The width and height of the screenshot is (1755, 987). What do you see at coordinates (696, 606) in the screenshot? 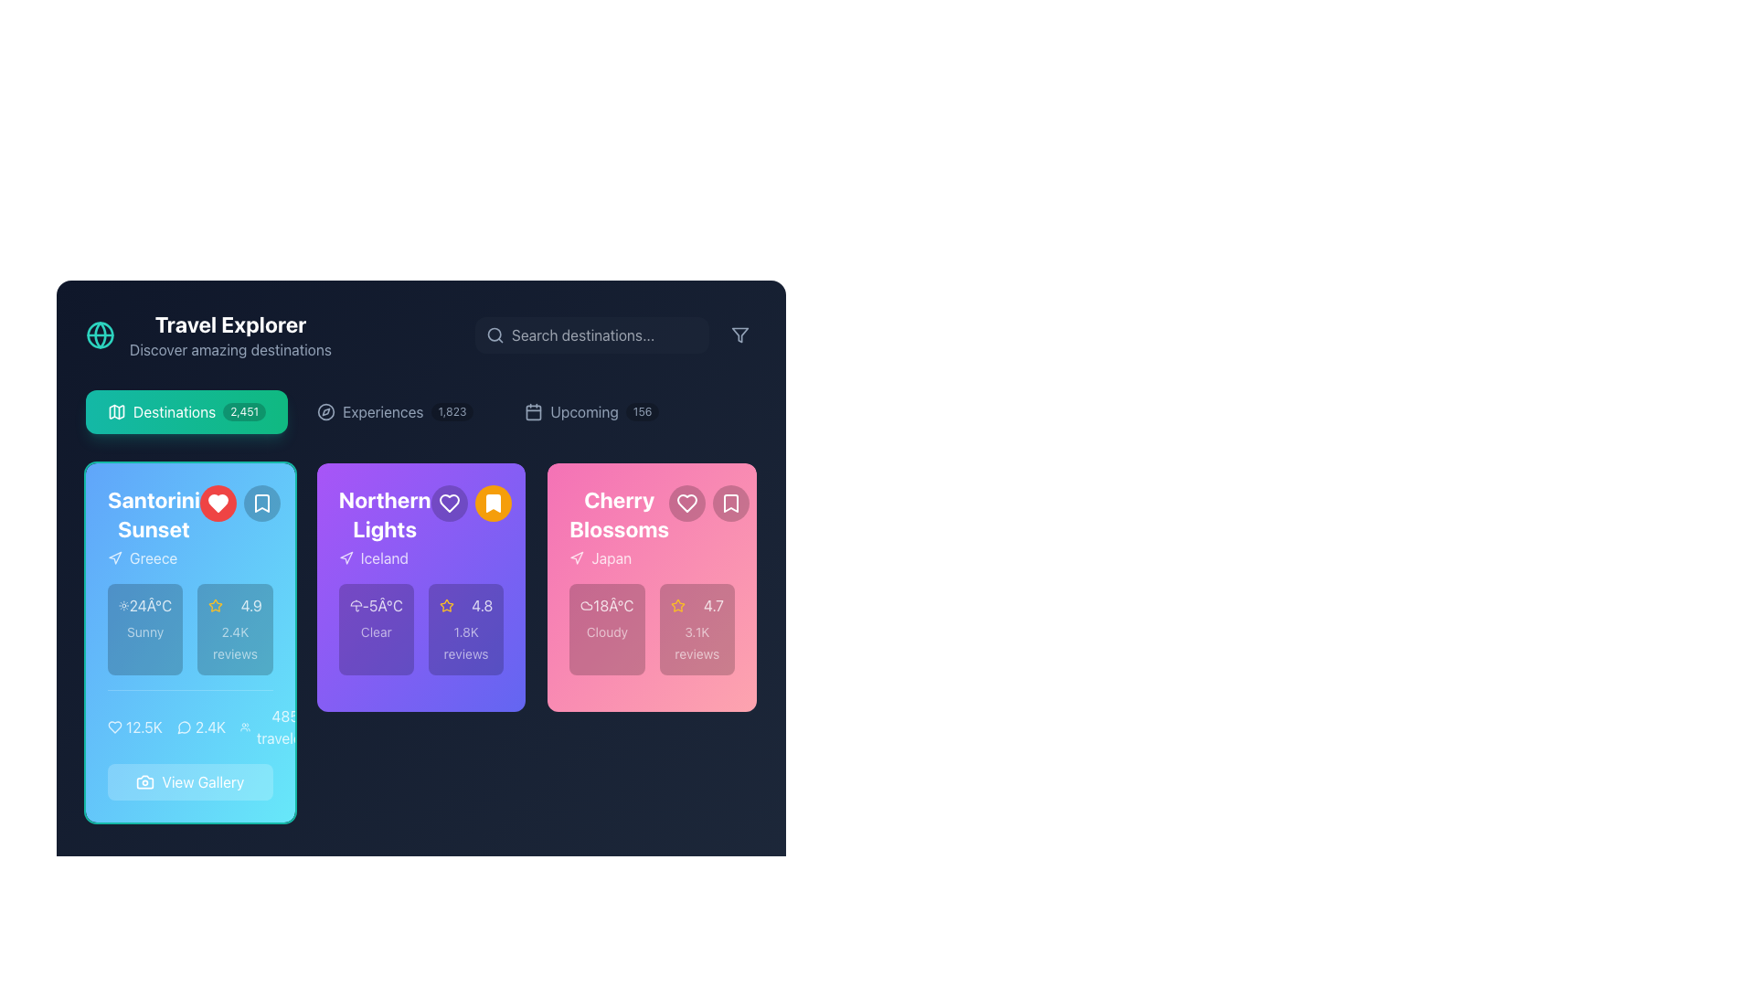
I see `the rating details associated with the score displayed in the rating indicator, which shows a score of 4.7 alongside a star representation, located in the upper portion of a pink card` at bounding box center [696, 606].